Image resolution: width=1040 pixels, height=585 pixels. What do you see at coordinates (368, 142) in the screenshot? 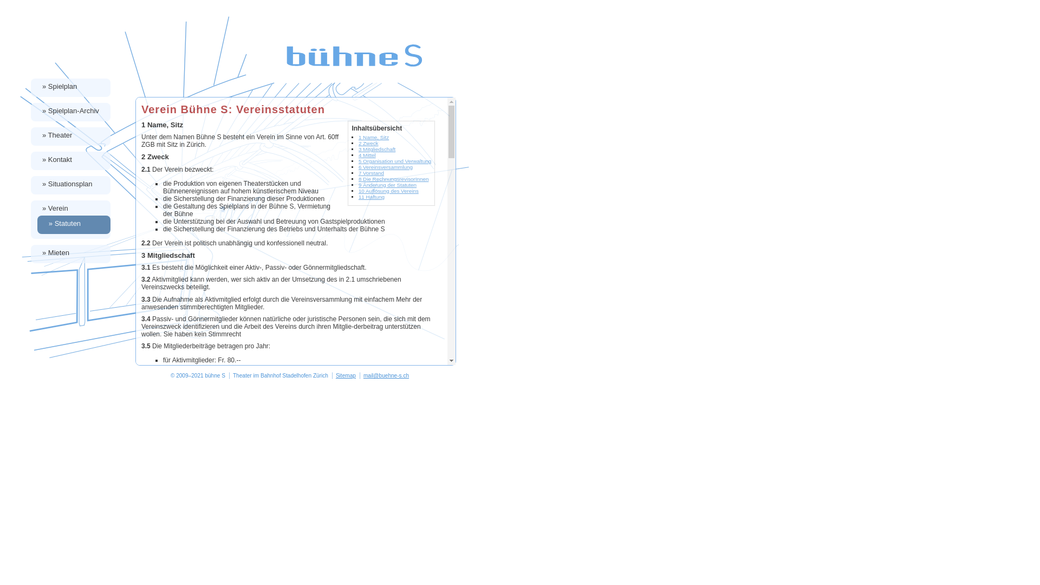
I see `'2 Zweck'` at bounding box center [368, 142].